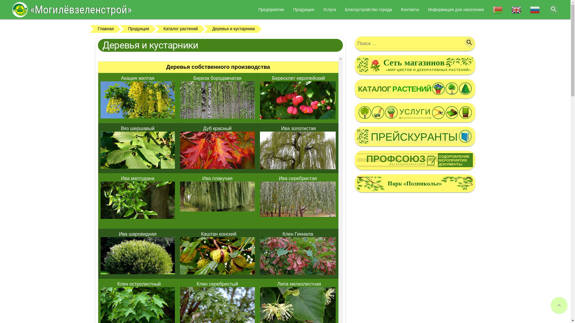  Describe the element at coordinates (516, 12) in the screenshot. I see `'English'` at that location.